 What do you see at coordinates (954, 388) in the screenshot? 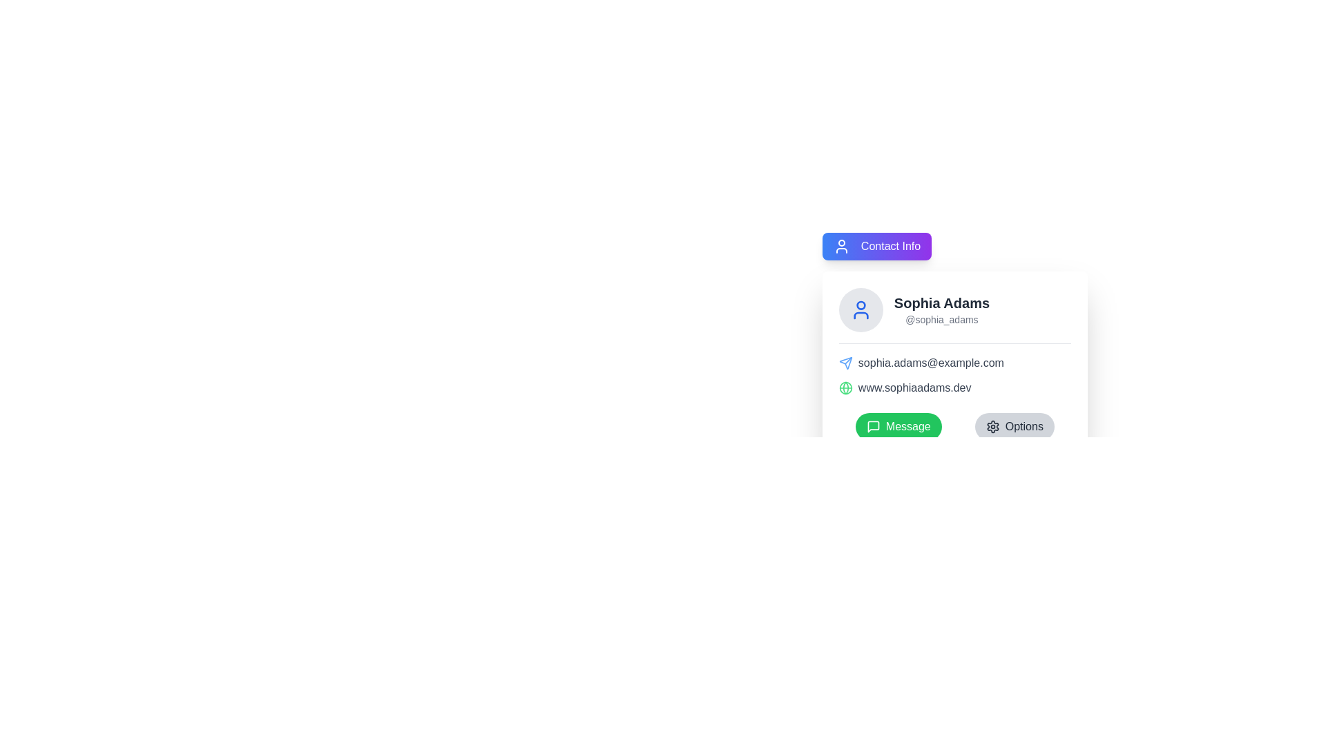
I see `the text 'www.sophiaadams.dev' in gray font, which is the second item` at bounding box center [954, 388].